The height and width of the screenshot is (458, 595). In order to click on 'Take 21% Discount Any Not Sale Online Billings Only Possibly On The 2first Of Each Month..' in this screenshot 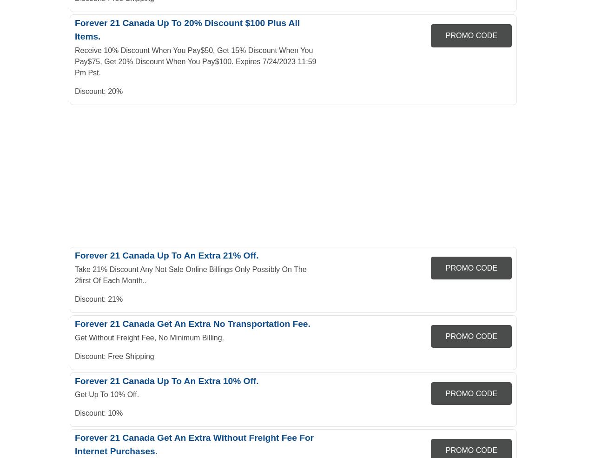, I will do `click(190, 274)`.